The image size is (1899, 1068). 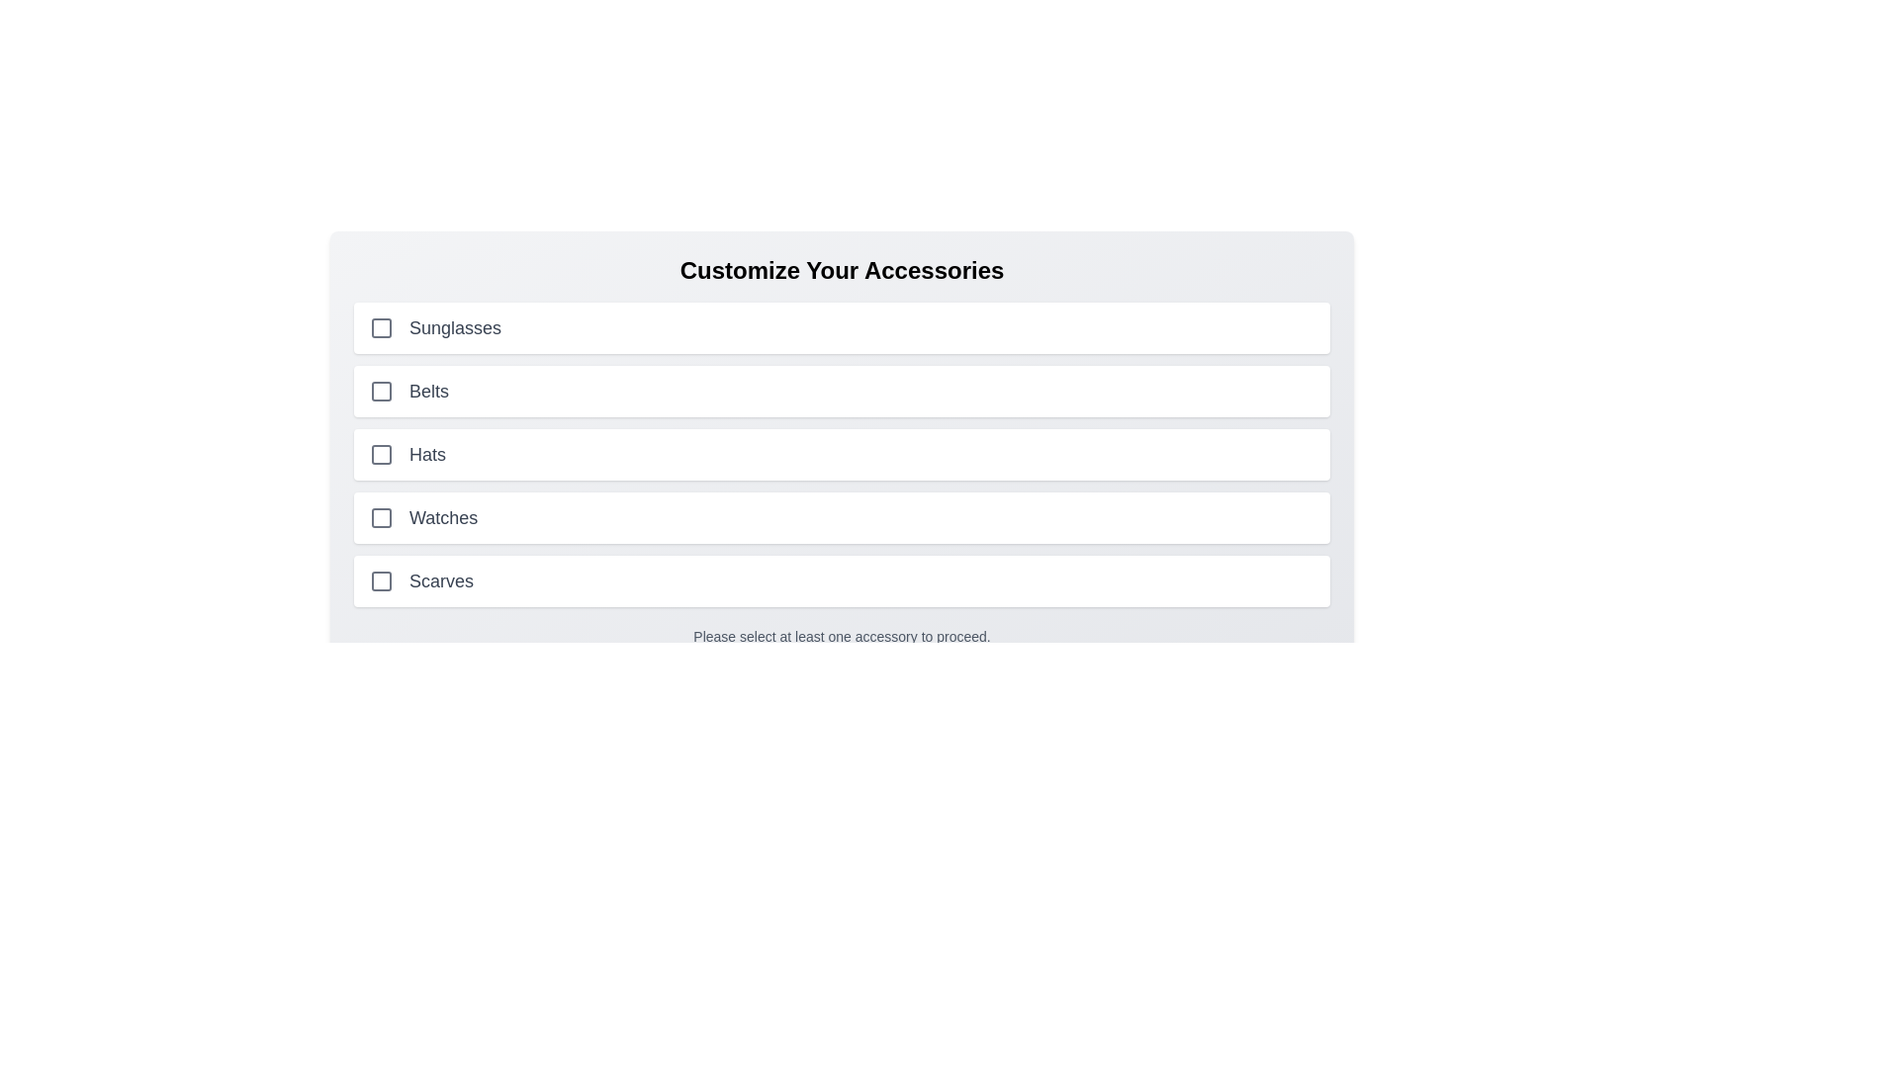 I want to click on the 'Hats' option list item, which is the third item in the options list, so click(x=842, y=454).